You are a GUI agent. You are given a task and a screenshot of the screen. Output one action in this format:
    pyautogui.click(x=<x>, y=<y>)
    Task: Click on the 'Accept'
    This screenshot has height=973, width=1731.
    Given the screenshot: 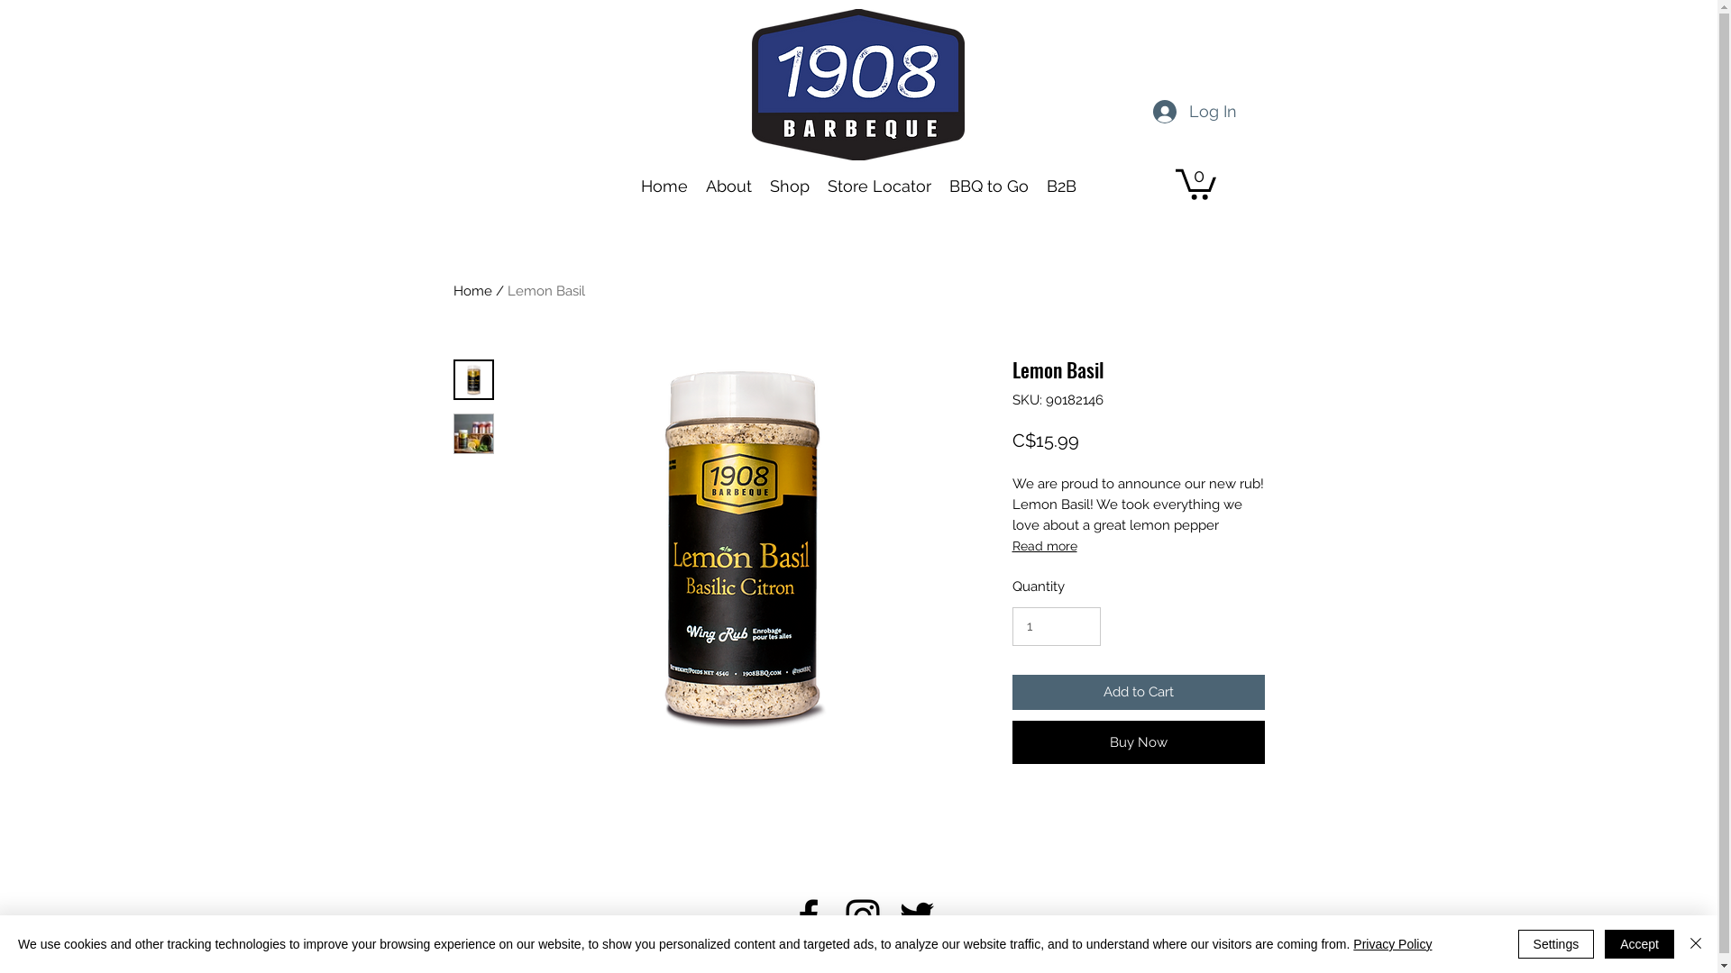 What is the action you would take?
    pyautogui.click(x=1639, y=943)
    